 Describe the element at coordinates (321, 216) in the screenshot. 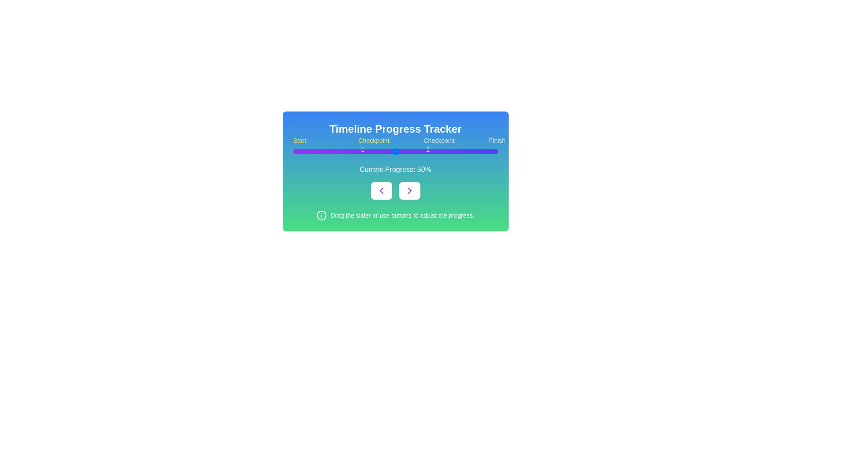

I see `the SVG Circle element, which is a small circle with a radius of 10 units, located within an icon-like structure in the lower-left section of the green-blue gradient panel` at that location.